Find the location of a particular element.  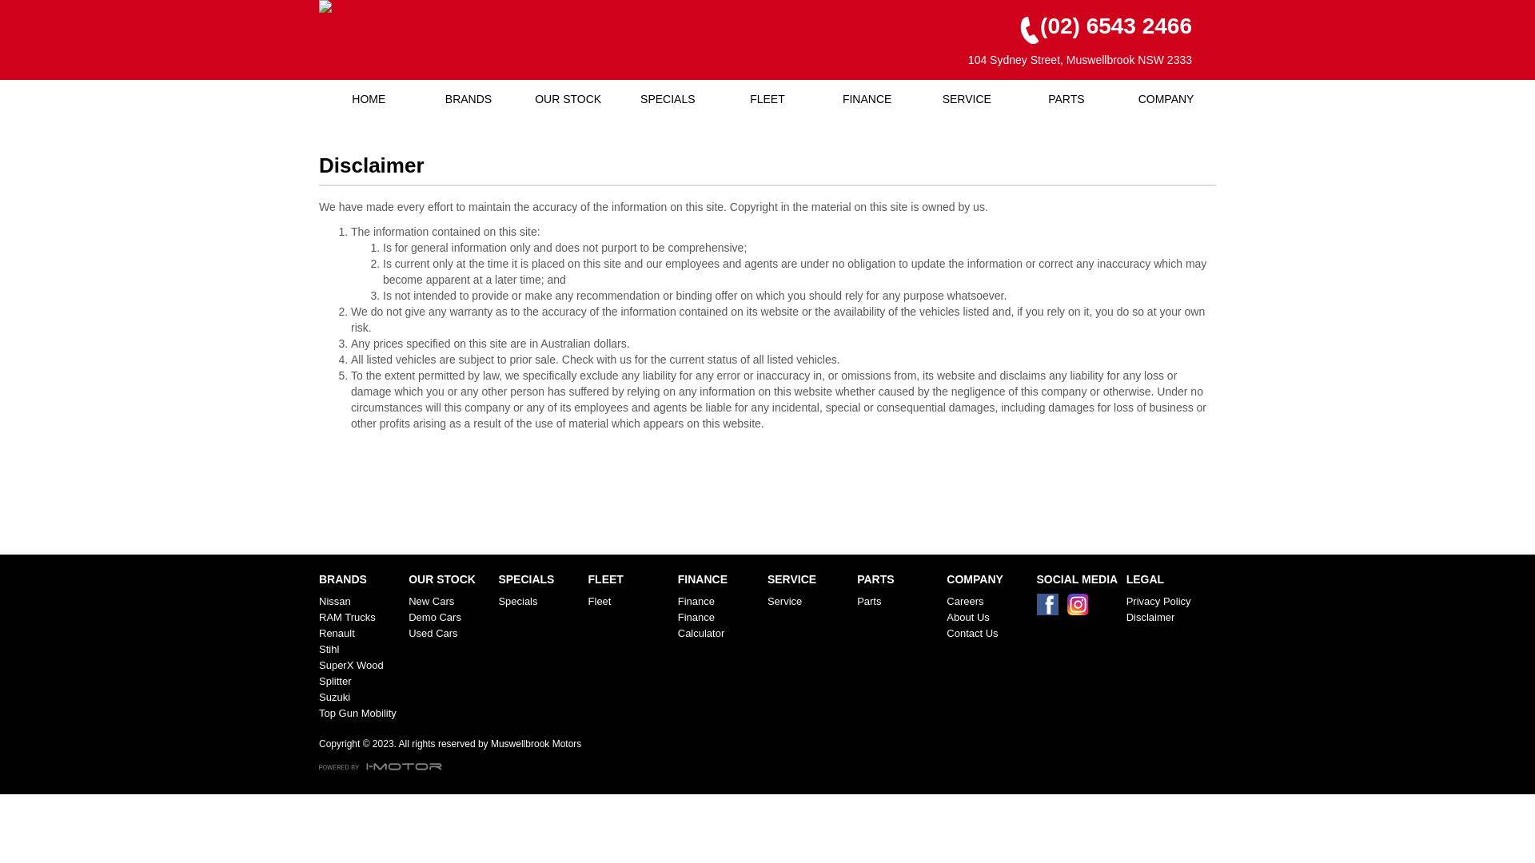

'Suzuki' is located at coordinates (360, 696).